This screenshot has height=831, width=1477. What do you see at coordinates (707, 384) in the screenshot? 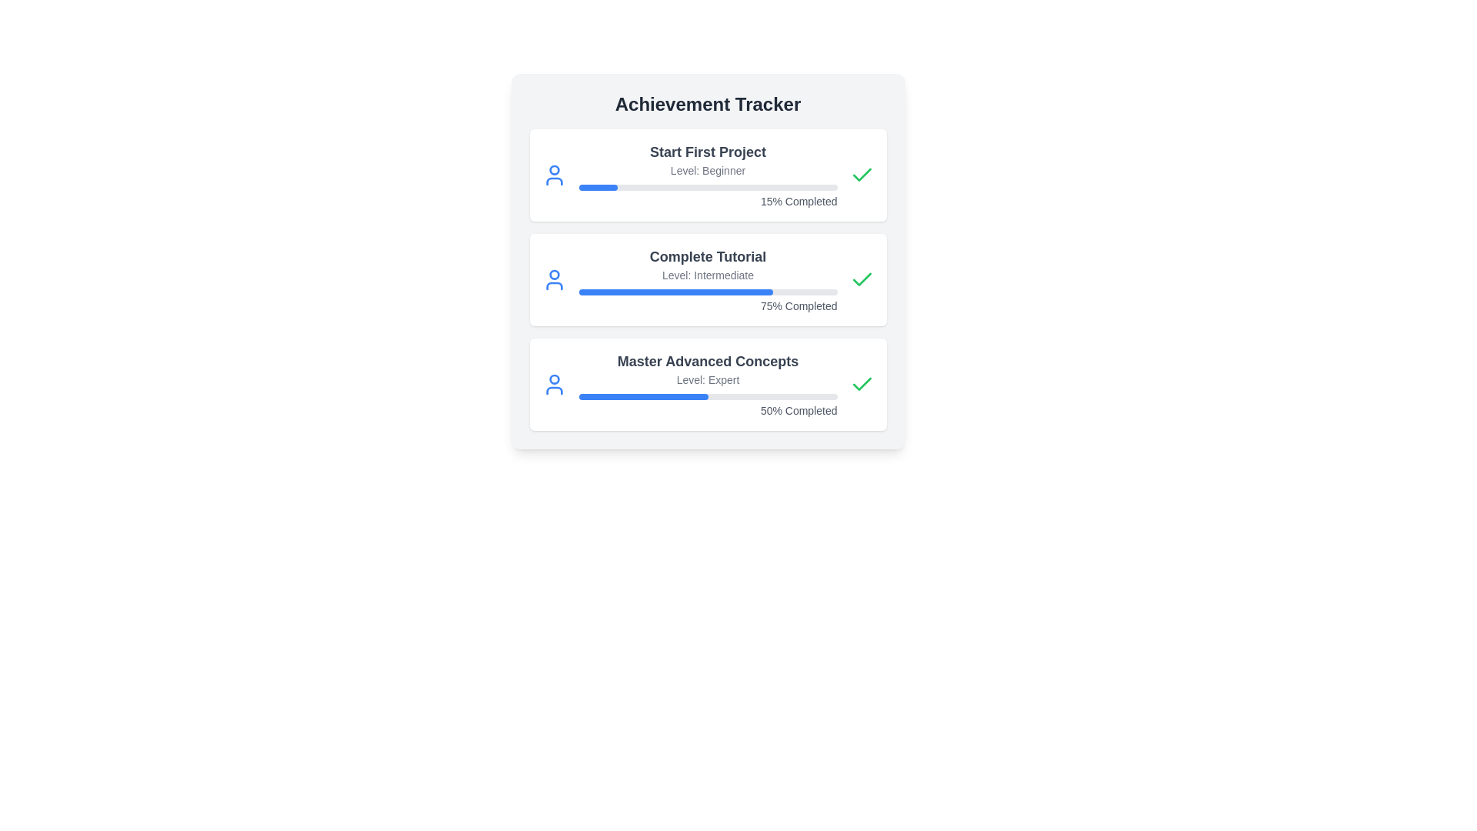
I see `progress details from the milestone card titled 'Master Advanced Concepts', which is the bottommost card in the achievement tracker` at bounding box center [707, 384].